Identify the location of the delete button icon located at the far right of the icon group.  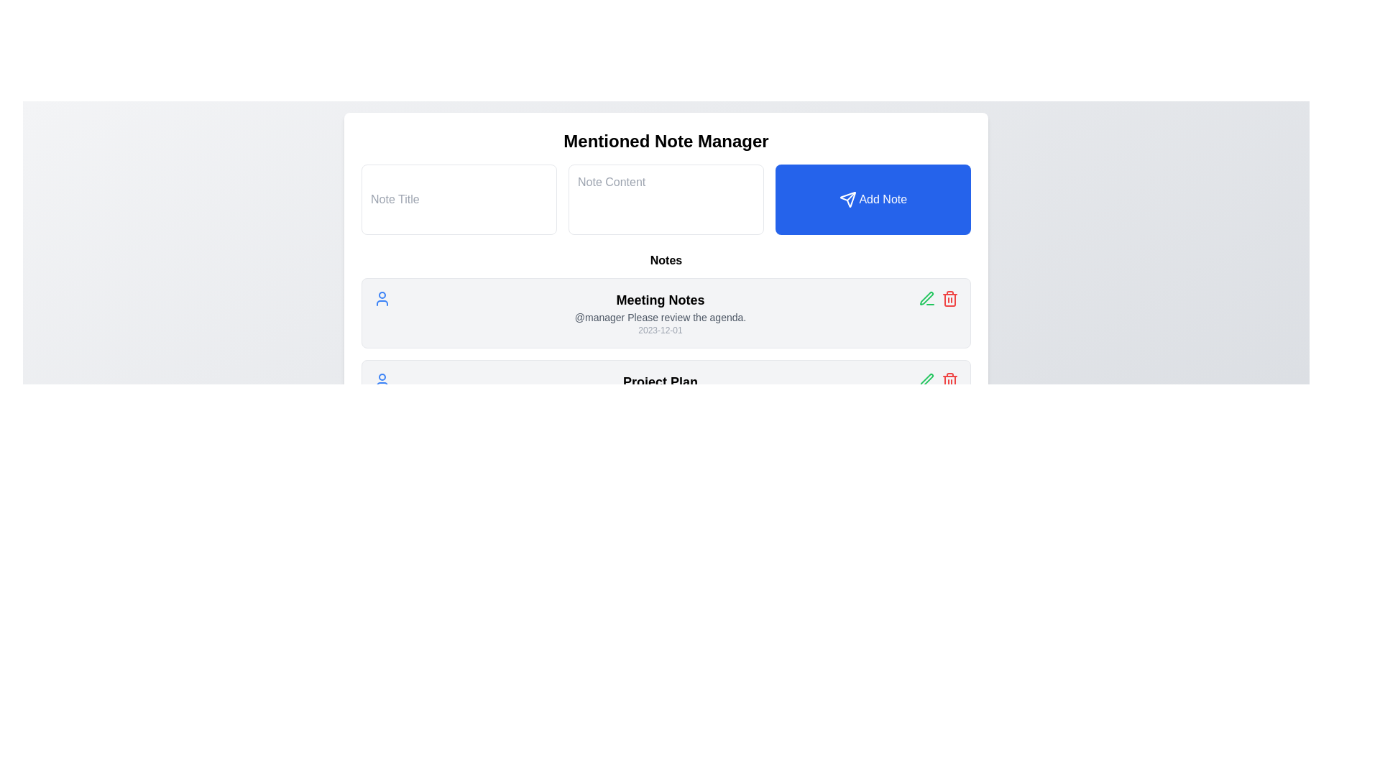
(949, 298).